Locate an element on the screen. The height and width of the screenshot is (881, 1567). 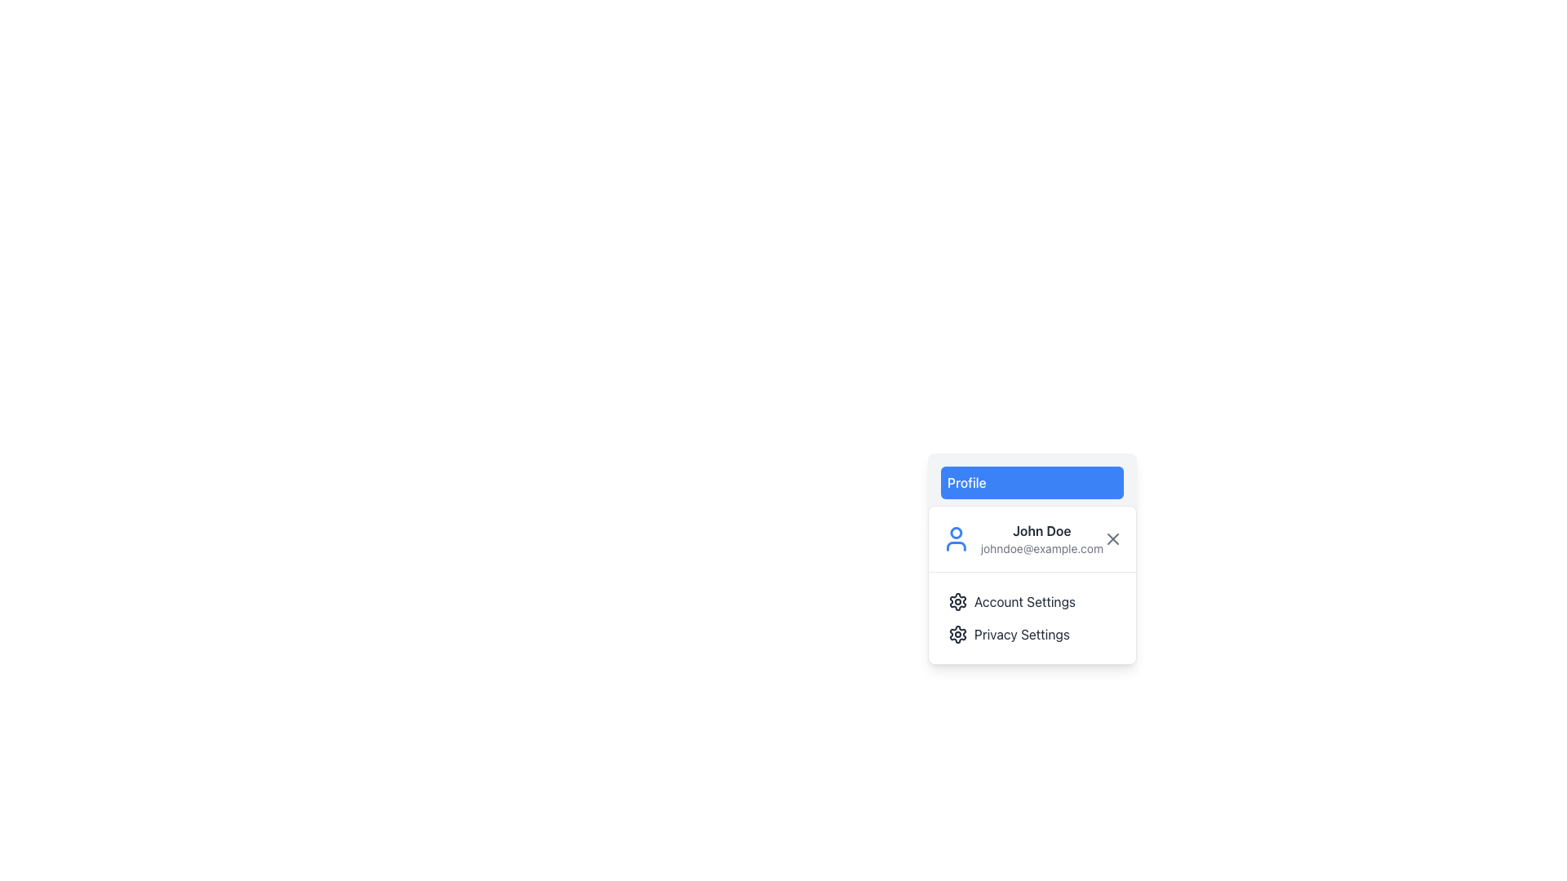
the gear-shaped icon in the settings dropdown menu is located at coordinates (958, 634).